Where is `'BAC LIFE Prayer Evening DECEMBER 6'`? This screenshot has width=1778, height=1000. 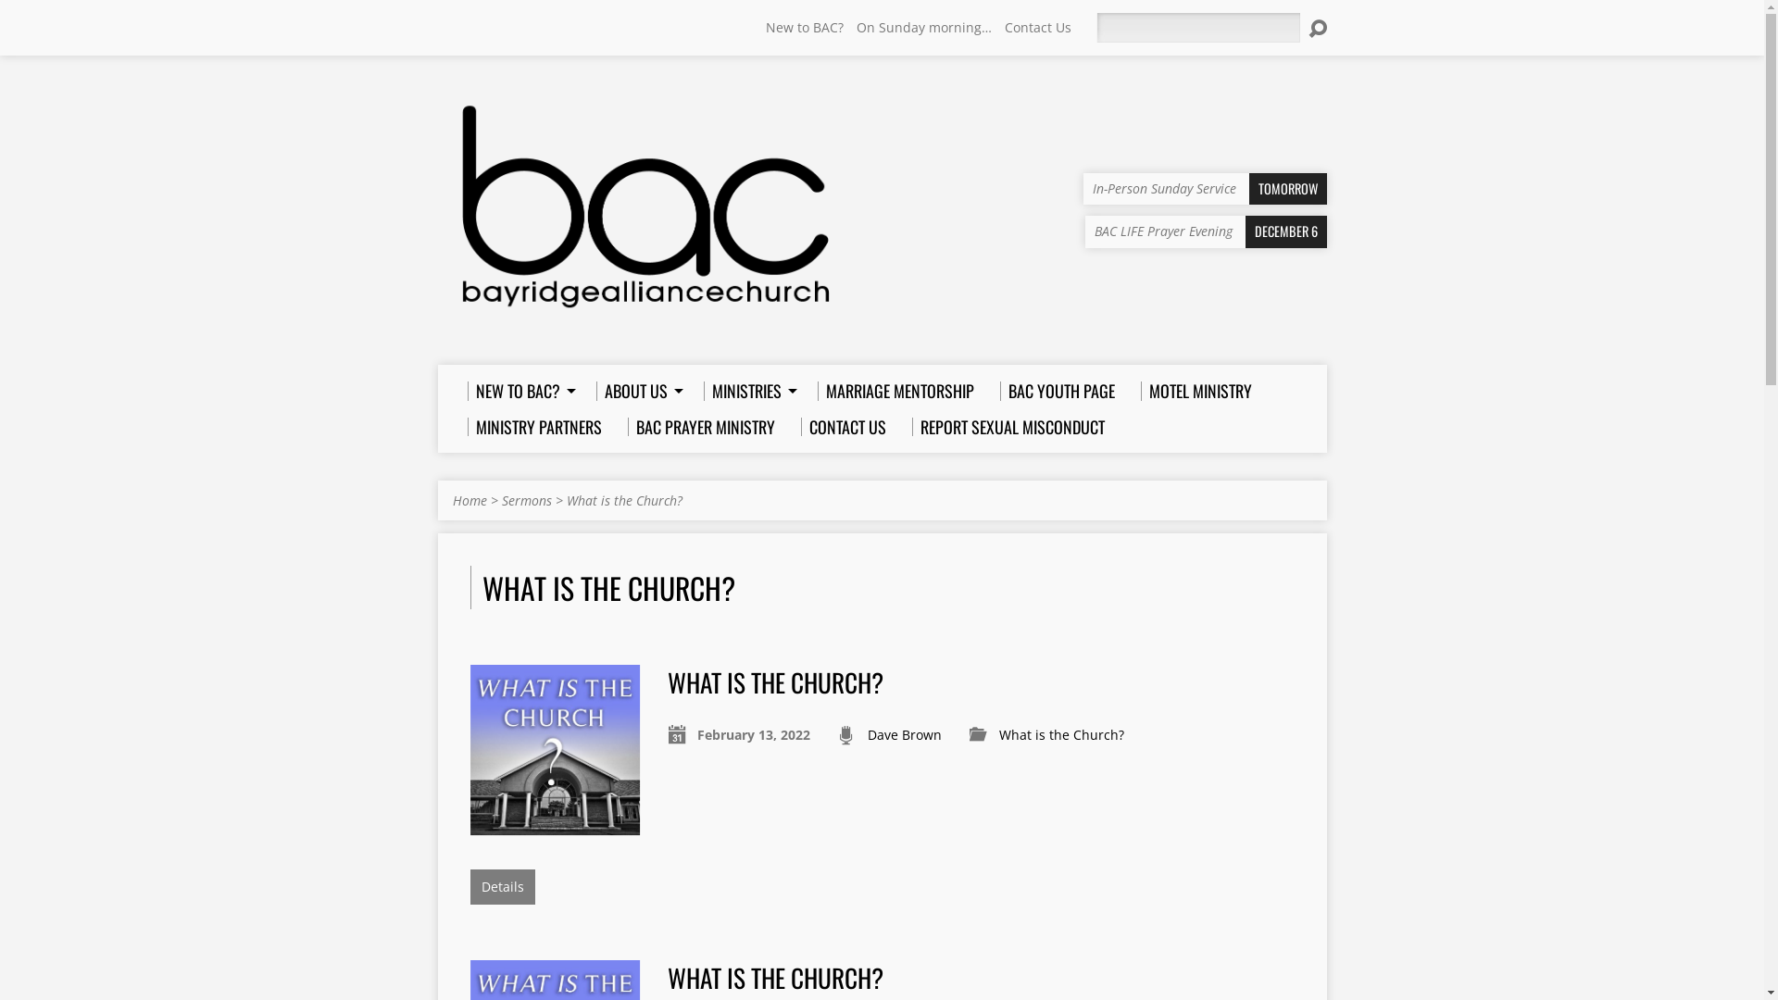
'BAC LIFE Prayer Evening DECEMBER 6' is located at coordinates (1084, 231).